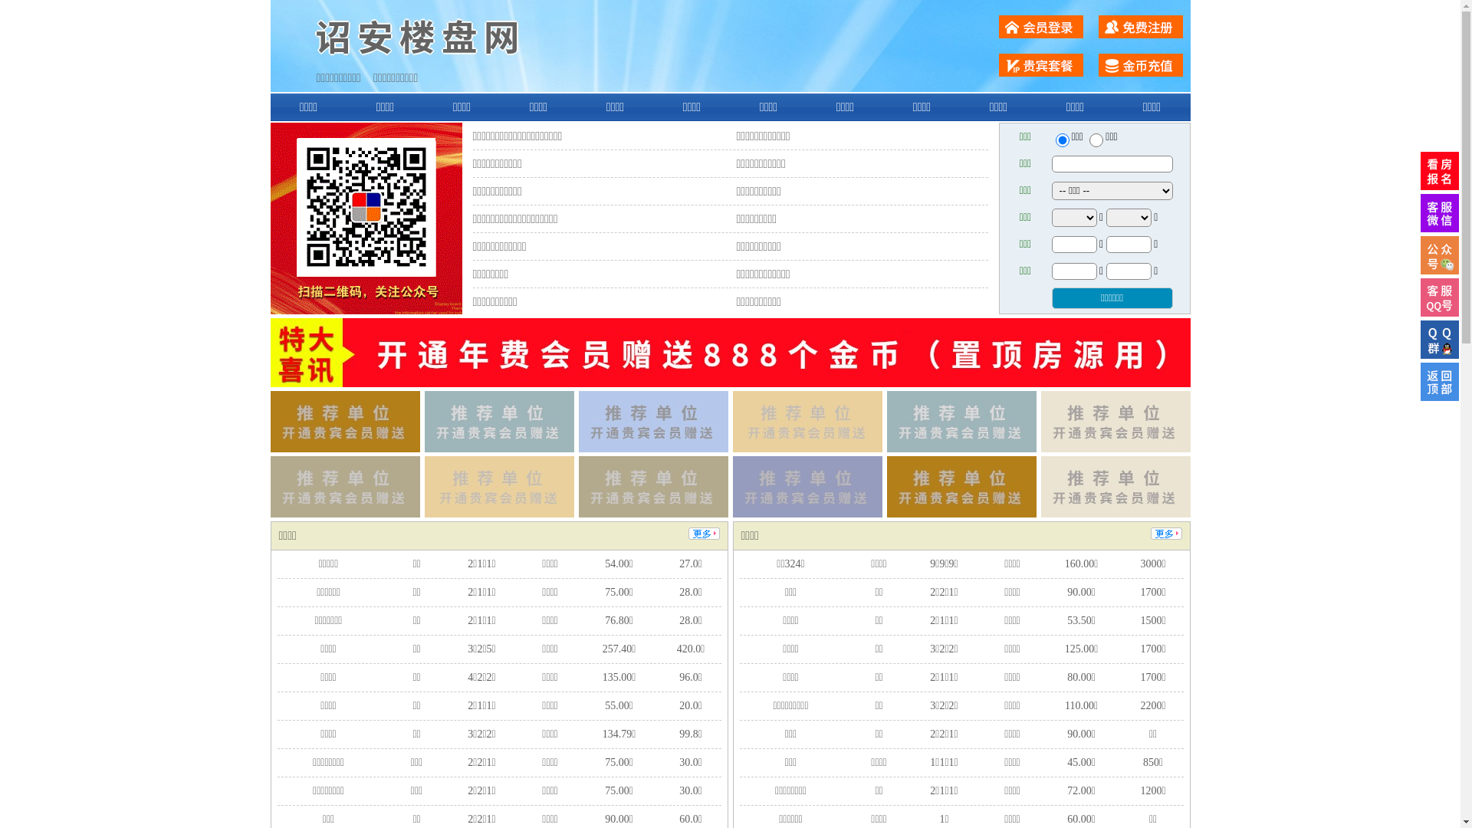 The width and height of the screenshot is (1472, 828). Describe the element at coordinates (1061, 140) in the screenshot. I see `'ershou'` at that location.